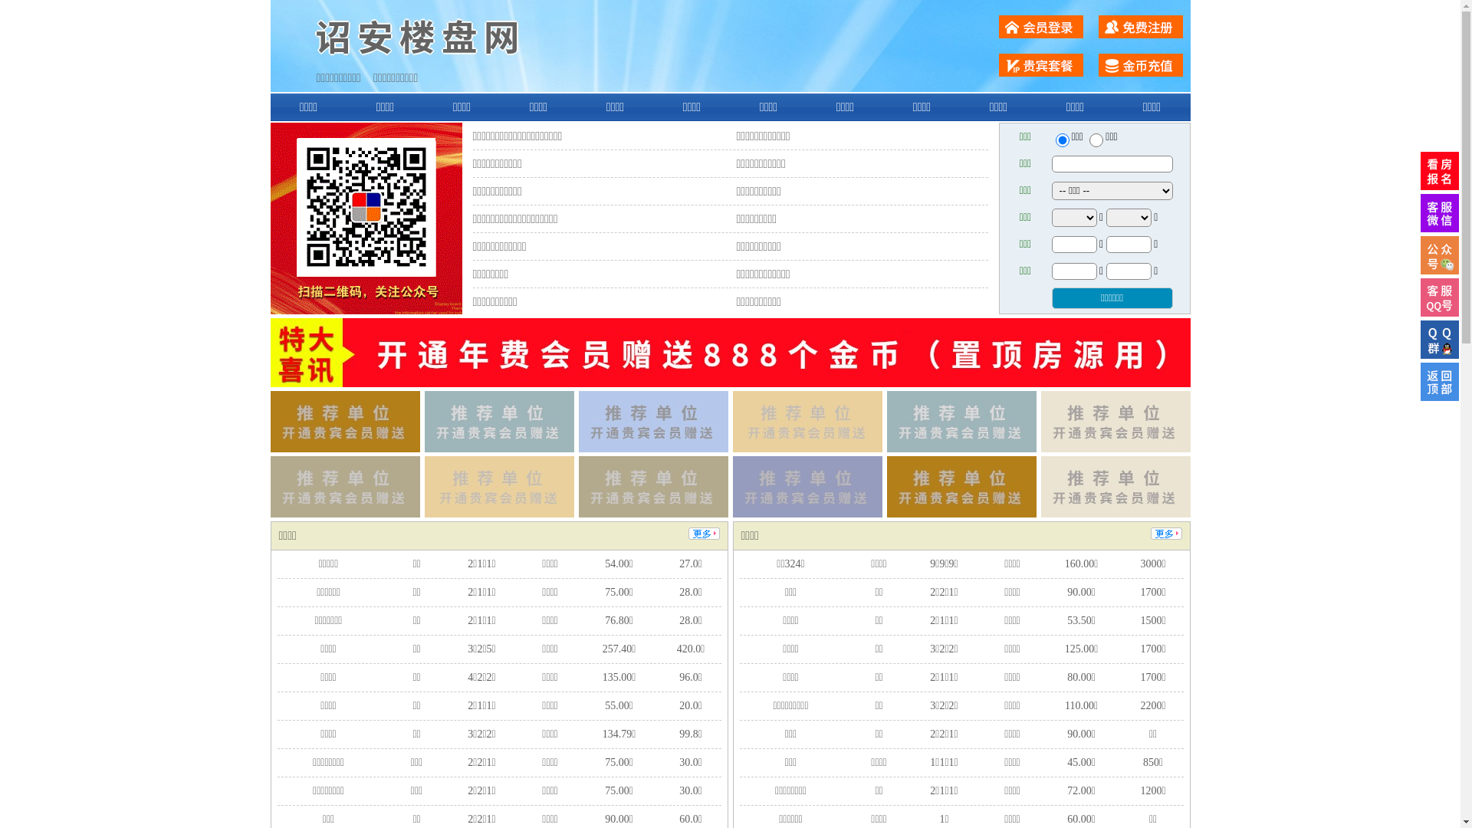 The width and height of the screenshot is (1472, 828). Describe the element at coordinates (1061, 140) in the screenshot. I see `'ershou'` at that location.